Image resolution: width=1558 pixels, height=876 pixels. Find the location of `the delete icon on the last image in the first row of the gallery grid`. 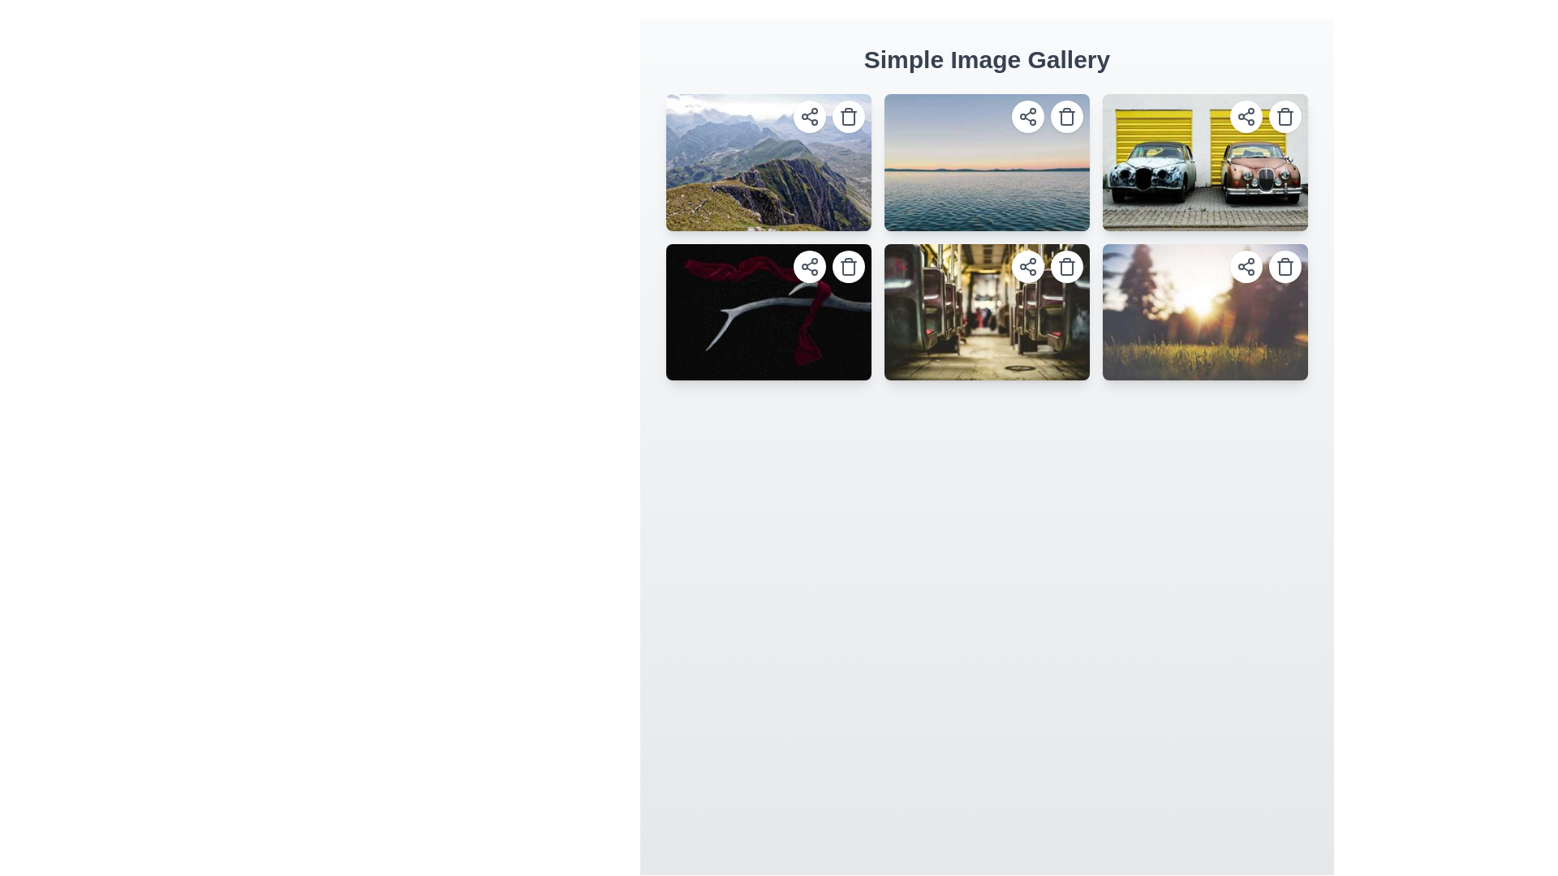

the delete icon on the last image in the first row of the gallery grid is located at coordinates (1205, 162).